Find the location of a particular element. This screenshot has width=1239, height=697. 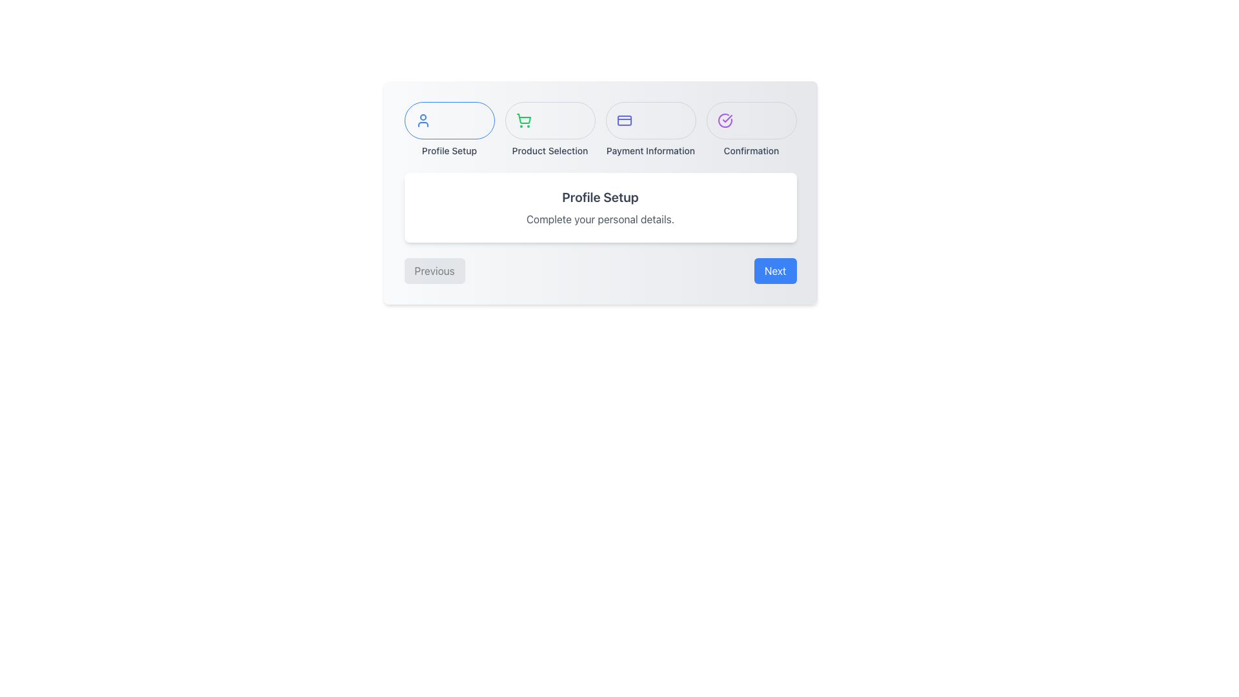

the 'Payment Information' button located in the horizontal navigation bar is located at coordinates (650, 120).